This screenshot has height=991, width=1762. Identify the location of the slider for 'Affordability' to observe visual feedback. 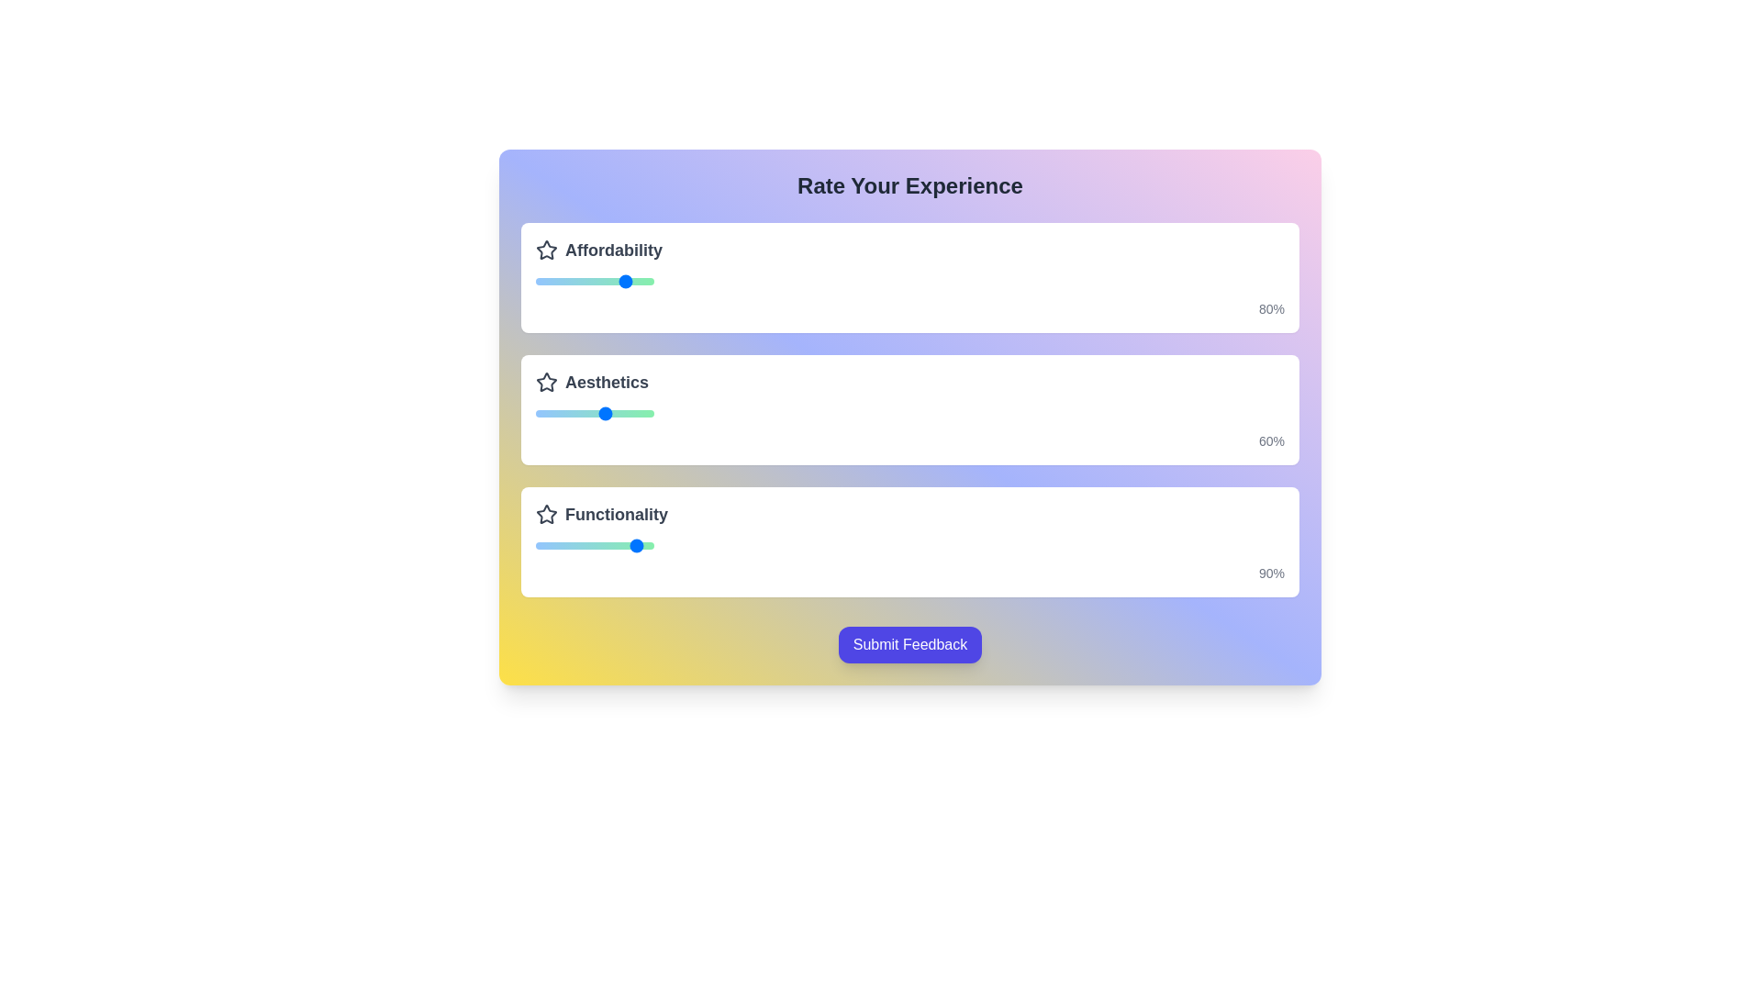
(595, 282).